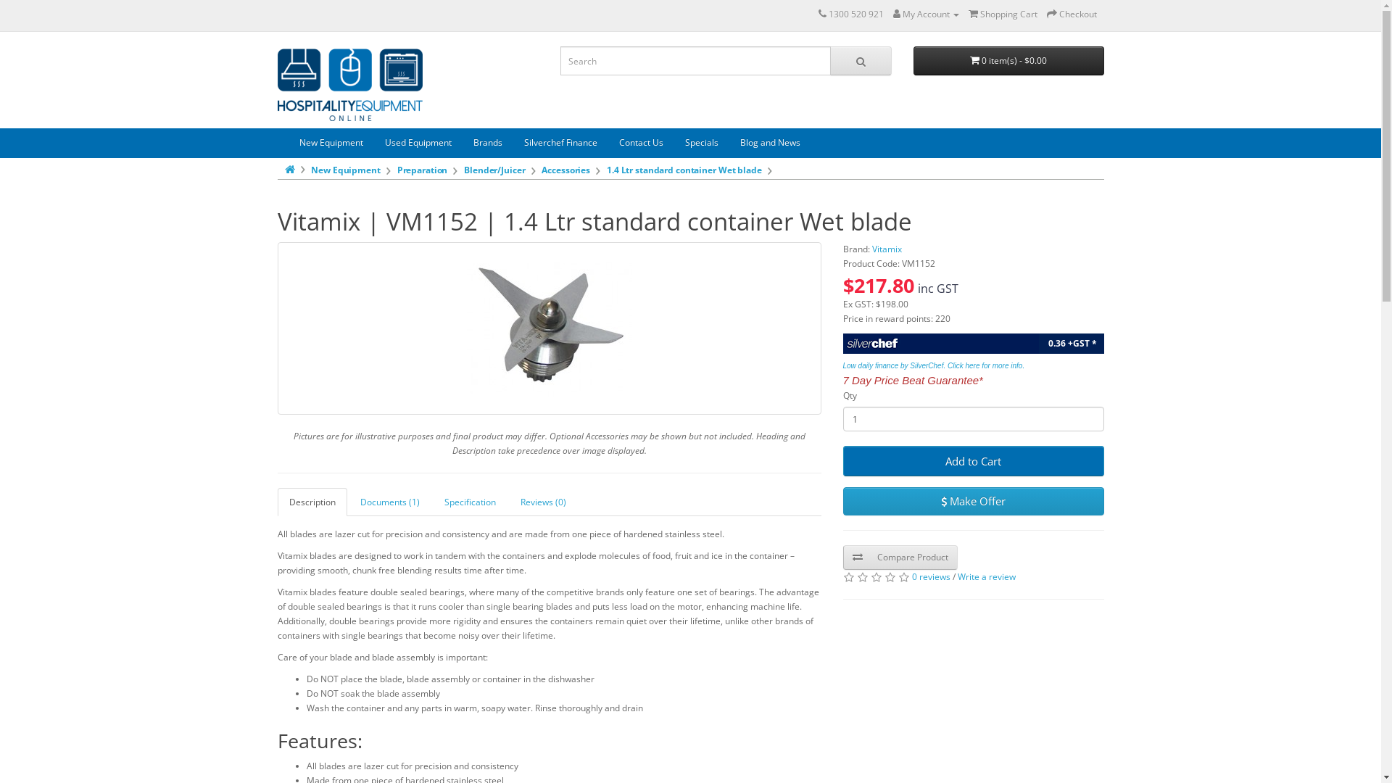  Describe the element at coordinates (469, 501) in the screenshot. I see `'Specification'` at that location.